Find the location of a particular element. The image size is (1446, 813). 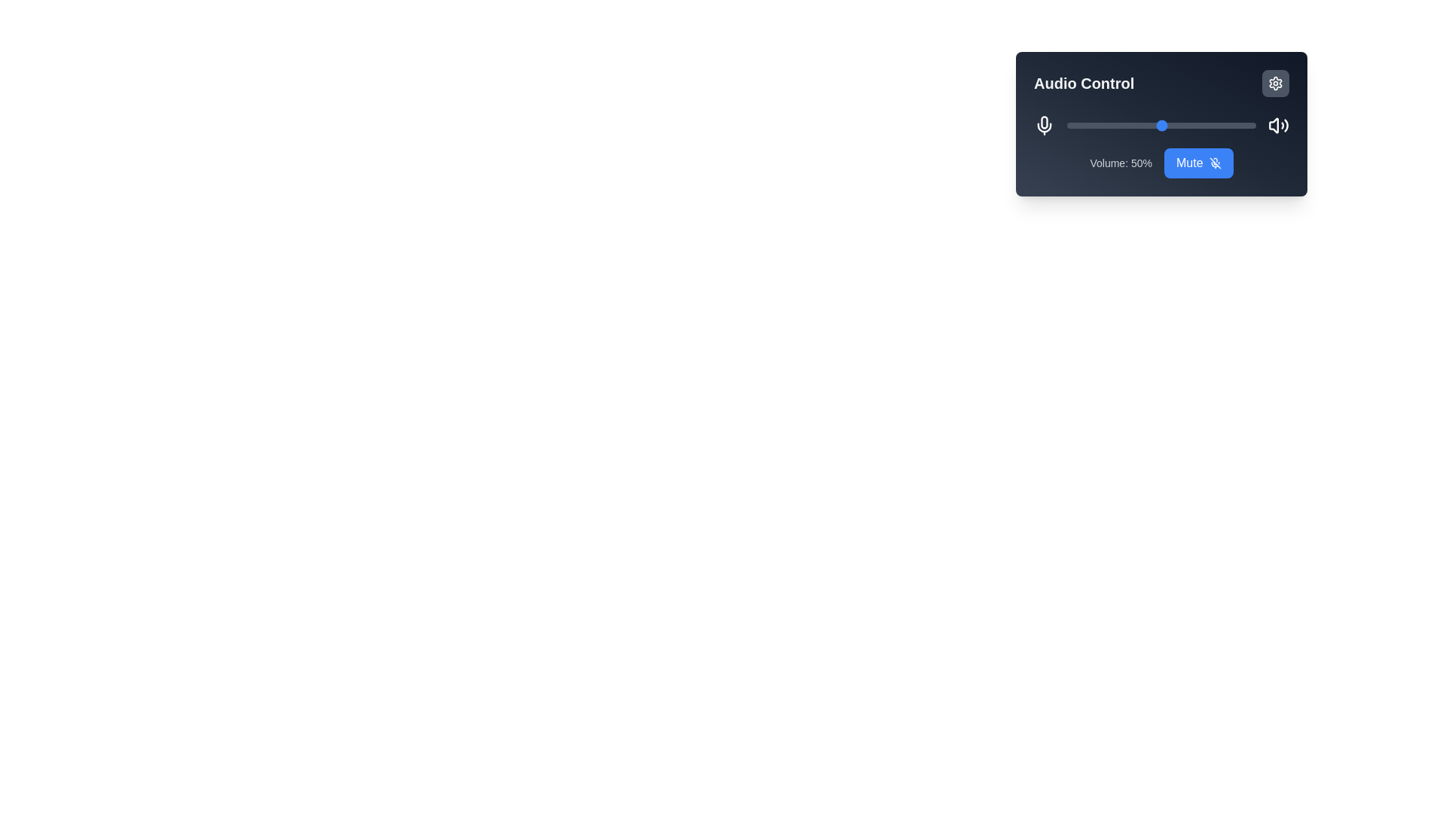

the audio volume is located at coordinates (1146, 124).